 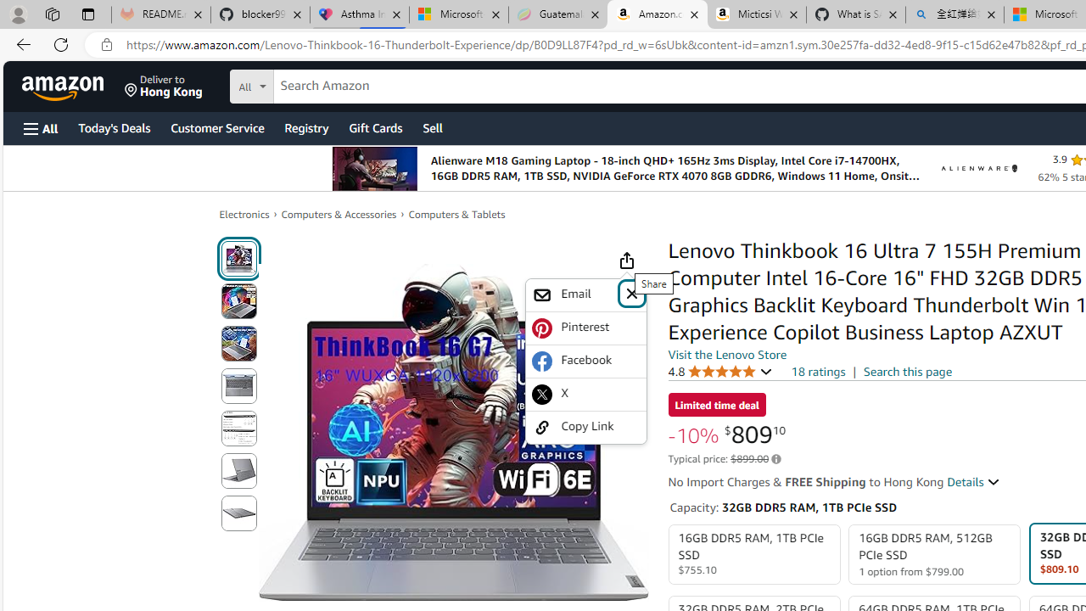 What do you see at coordinates (818, 371) in the screenshot?
I see `'18 ratings'` at bounding box center [818, 371].